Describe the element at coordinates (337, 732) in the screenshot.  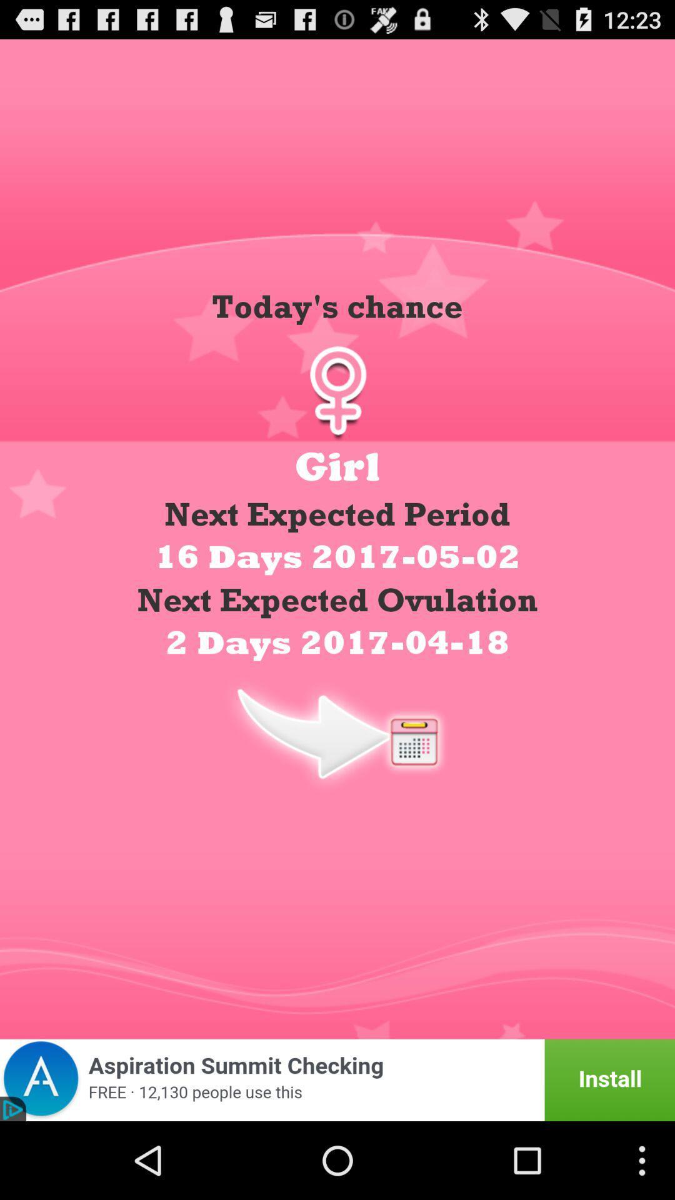
I see `calculater` at that location.